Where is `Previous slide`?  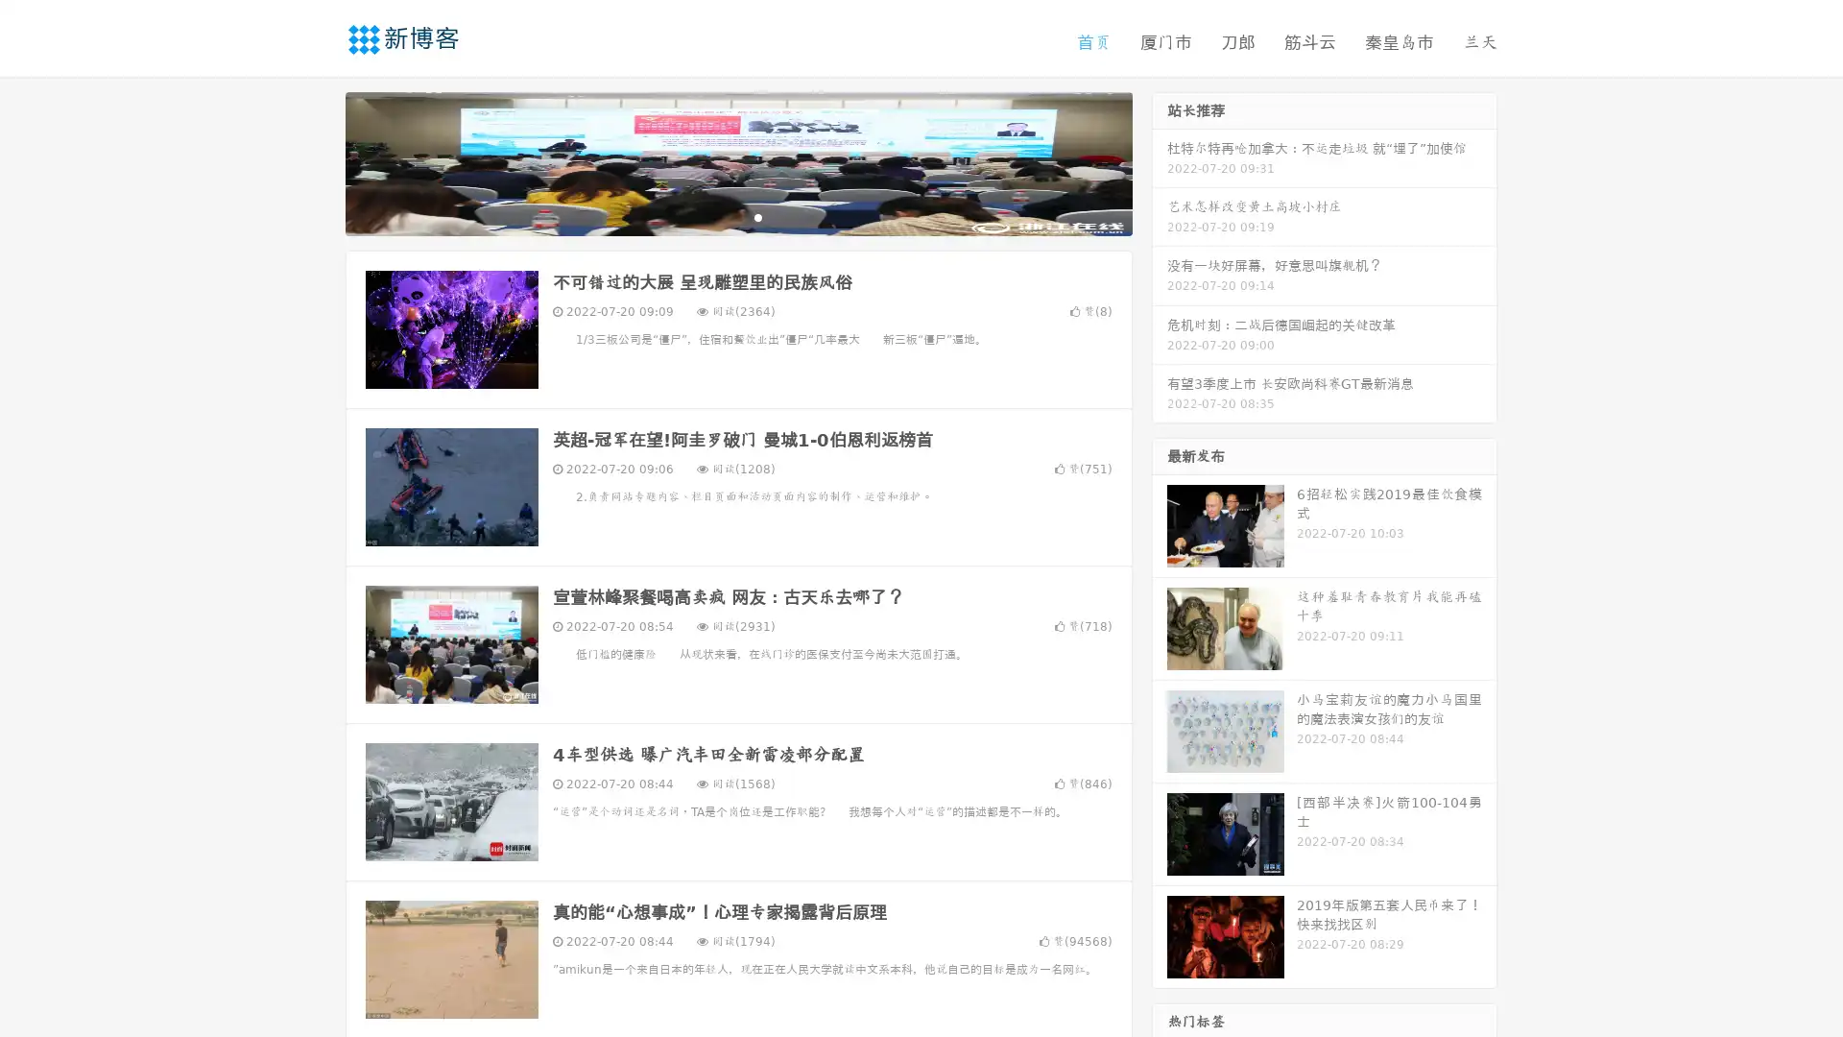 Previous slide is located at coordinates (317, 161).